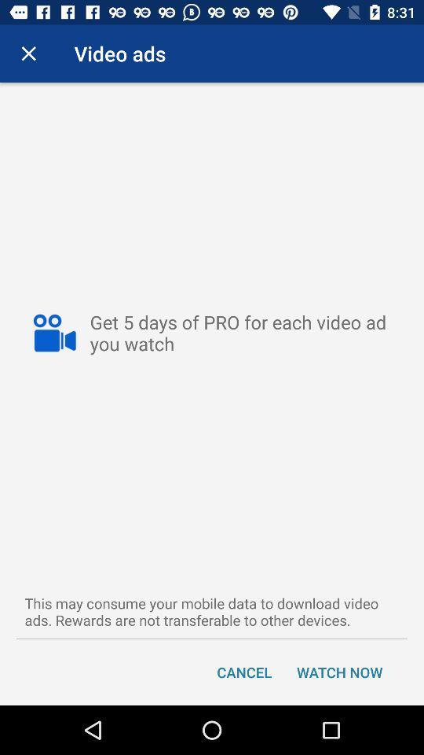 The width and height of the screenshot is (424, 755). What do you see at coordinates (244, 671) in the screenshot?
I see `cancel` at bounding box center [244, 671].